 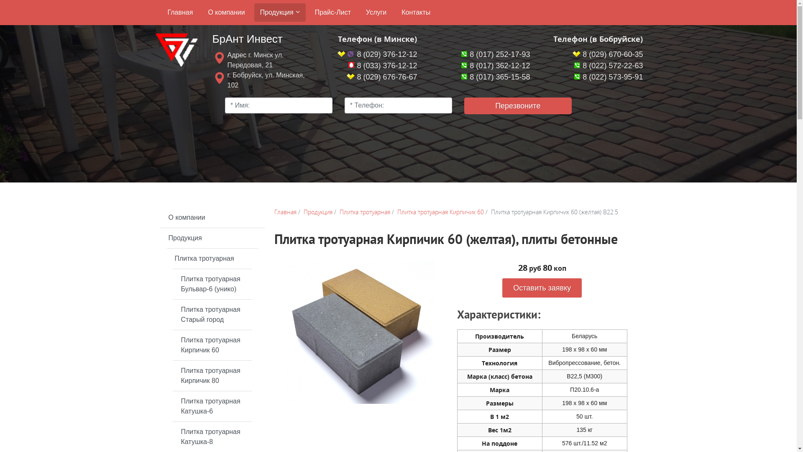 I want to click on '8 (029) 676-76-67', so click(x=381, y=77).